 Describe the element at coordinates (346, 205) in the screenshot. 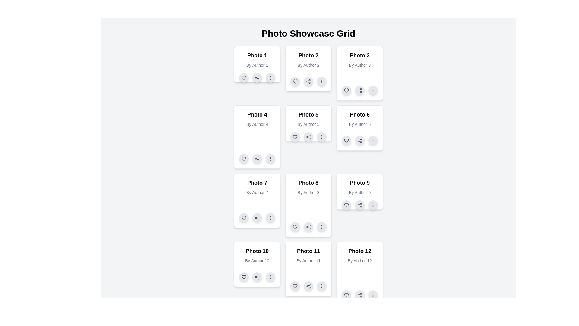

I see `the circular button with a light gray background and heart icon` at that location.